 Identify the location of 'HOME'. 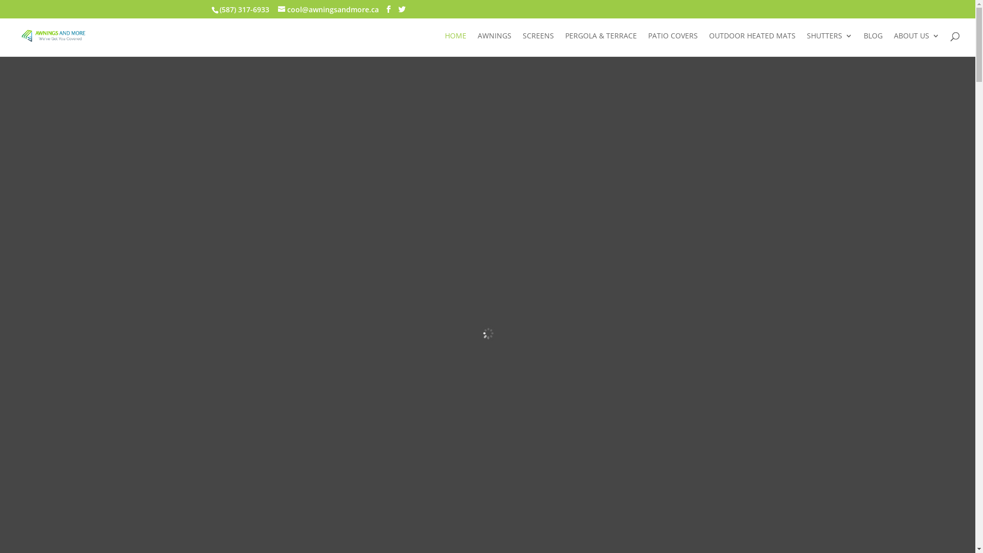
(455, 44).